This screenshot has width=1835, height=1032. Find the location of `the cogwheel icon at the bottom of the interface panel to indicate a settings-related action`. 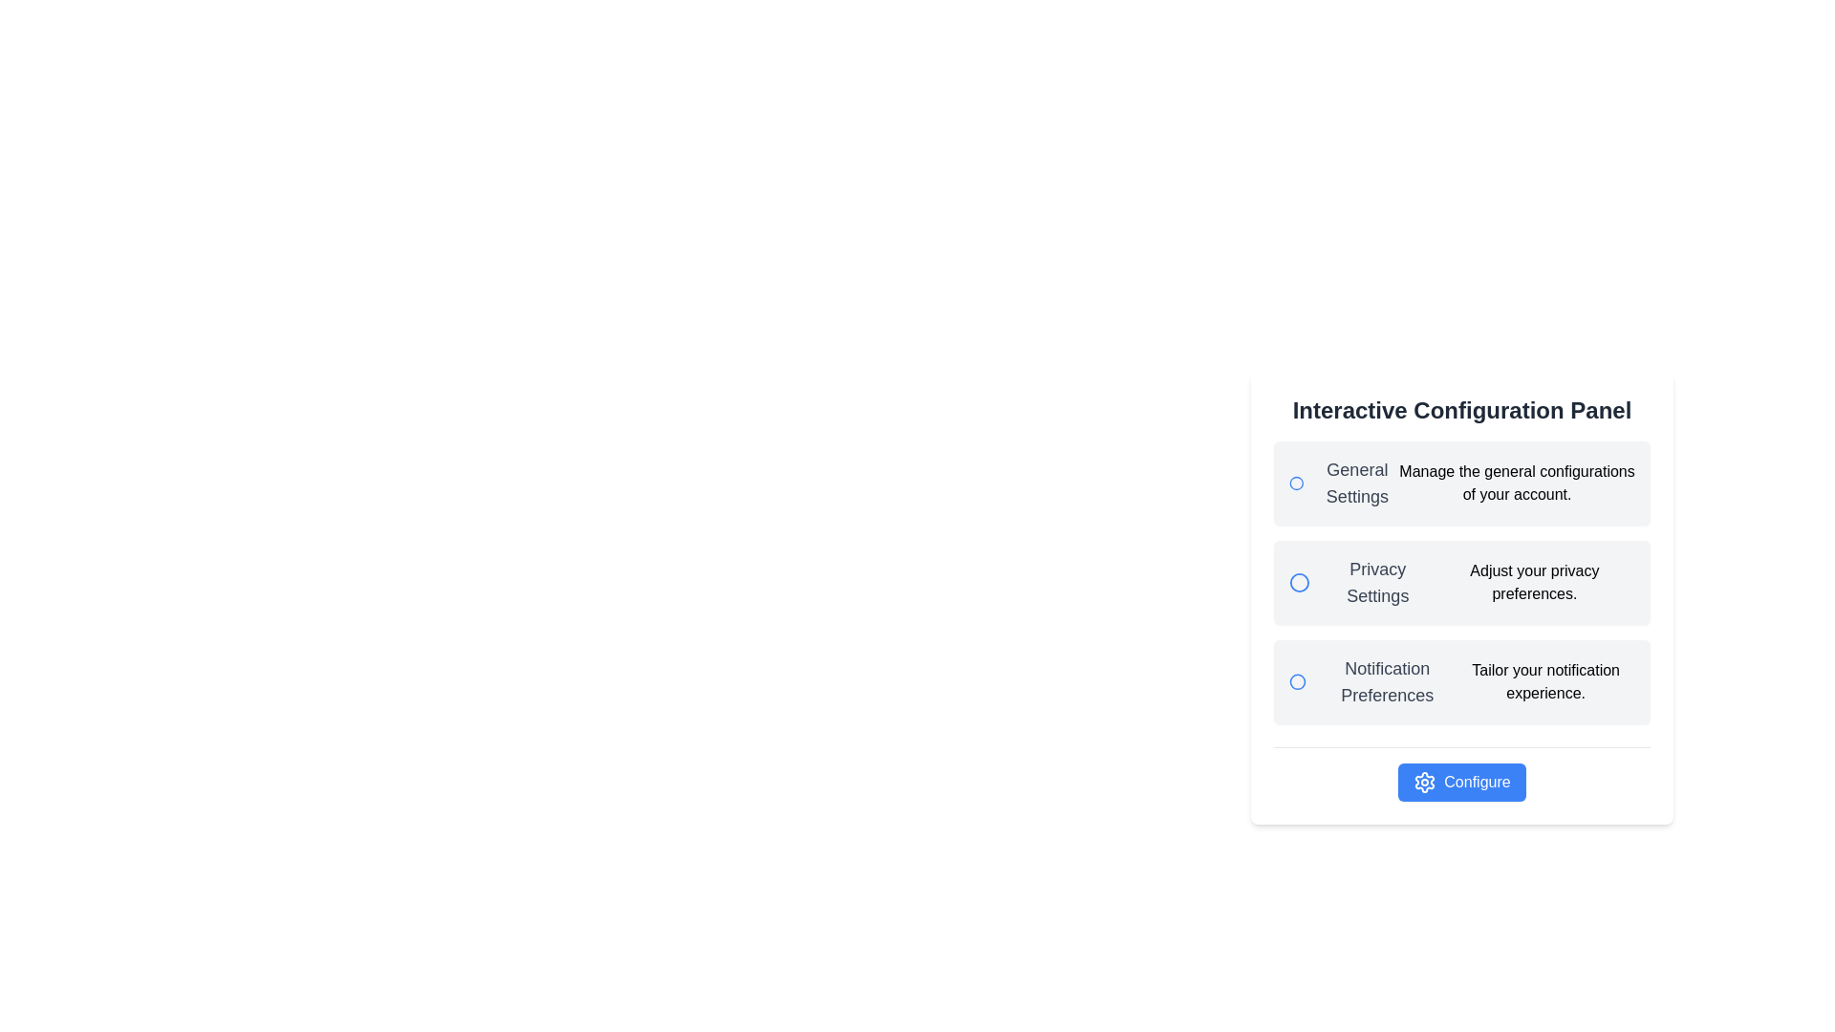

the cogwheel icon at the bottom of the interface panel to indicate a settings-related action is located at coordinates (1425, 782).